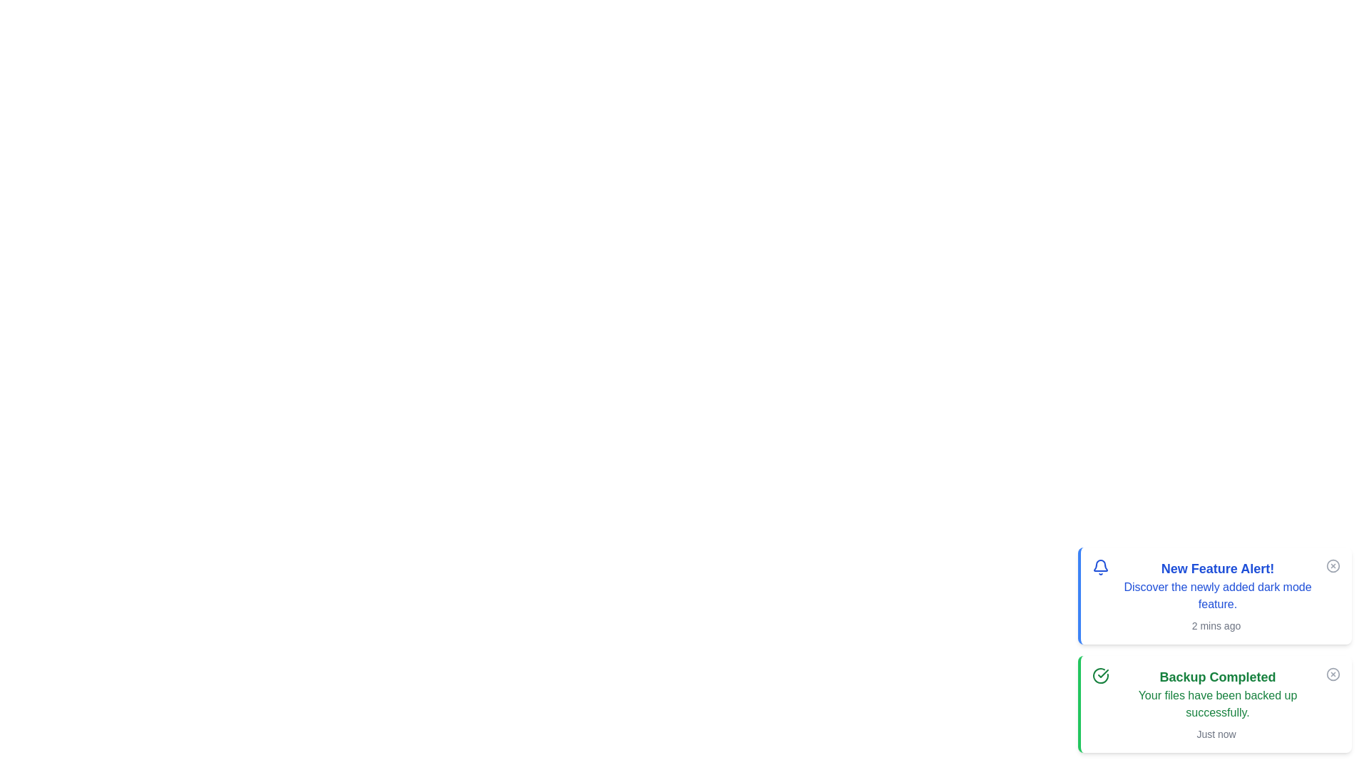 Image resolution: width=1369 pixels, height=770 pixels. I want to click on the alert to read its content, so click(1214, 596).